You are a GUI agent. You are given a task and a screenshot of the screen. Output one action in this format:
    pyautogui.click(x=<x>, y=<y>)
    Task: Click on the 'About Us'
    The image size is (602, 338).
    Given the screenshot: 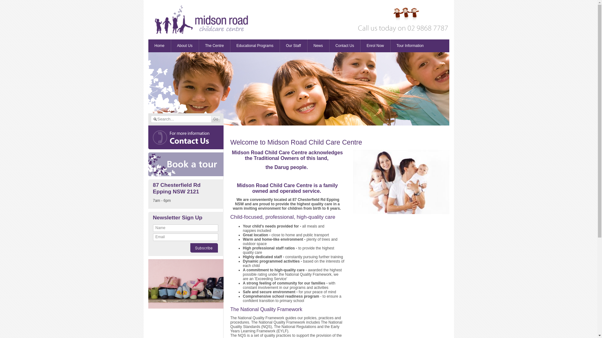 What is the action you would take?
    pyautogui.click(x=184, y=45)
    